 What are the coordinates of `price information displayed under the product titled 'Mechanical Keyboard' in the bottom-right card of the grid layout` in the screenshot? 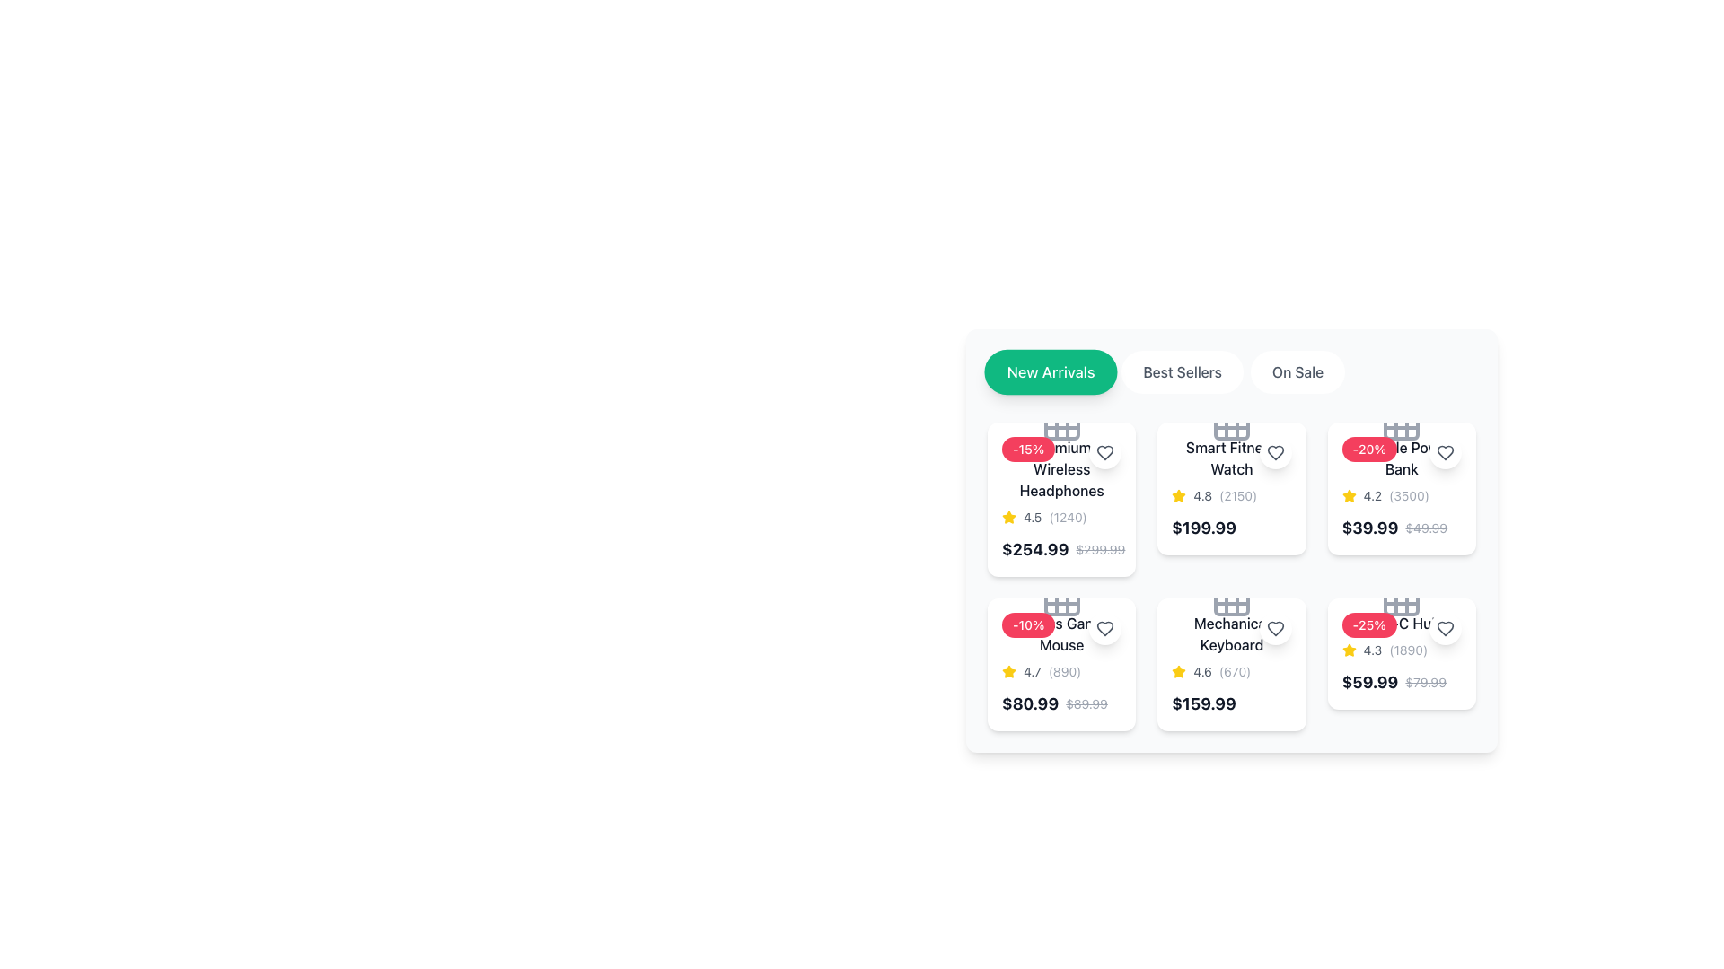 It's located at (1204, 703).